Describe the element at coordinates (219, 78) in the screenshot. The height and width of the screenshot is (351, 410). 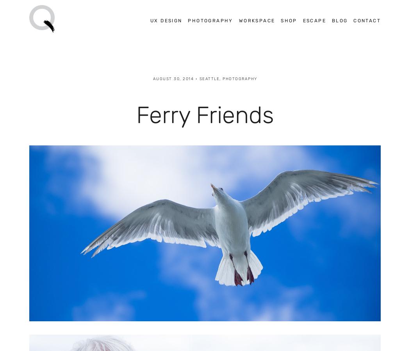
I see `','` at that location.